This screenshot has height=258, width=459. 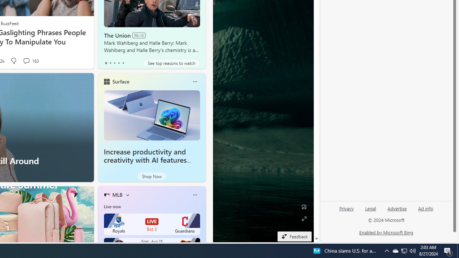 What do you see at coordinates (123, 63) in the screenshot?
I see `'tab-4'` at bounding box center [123, 63].